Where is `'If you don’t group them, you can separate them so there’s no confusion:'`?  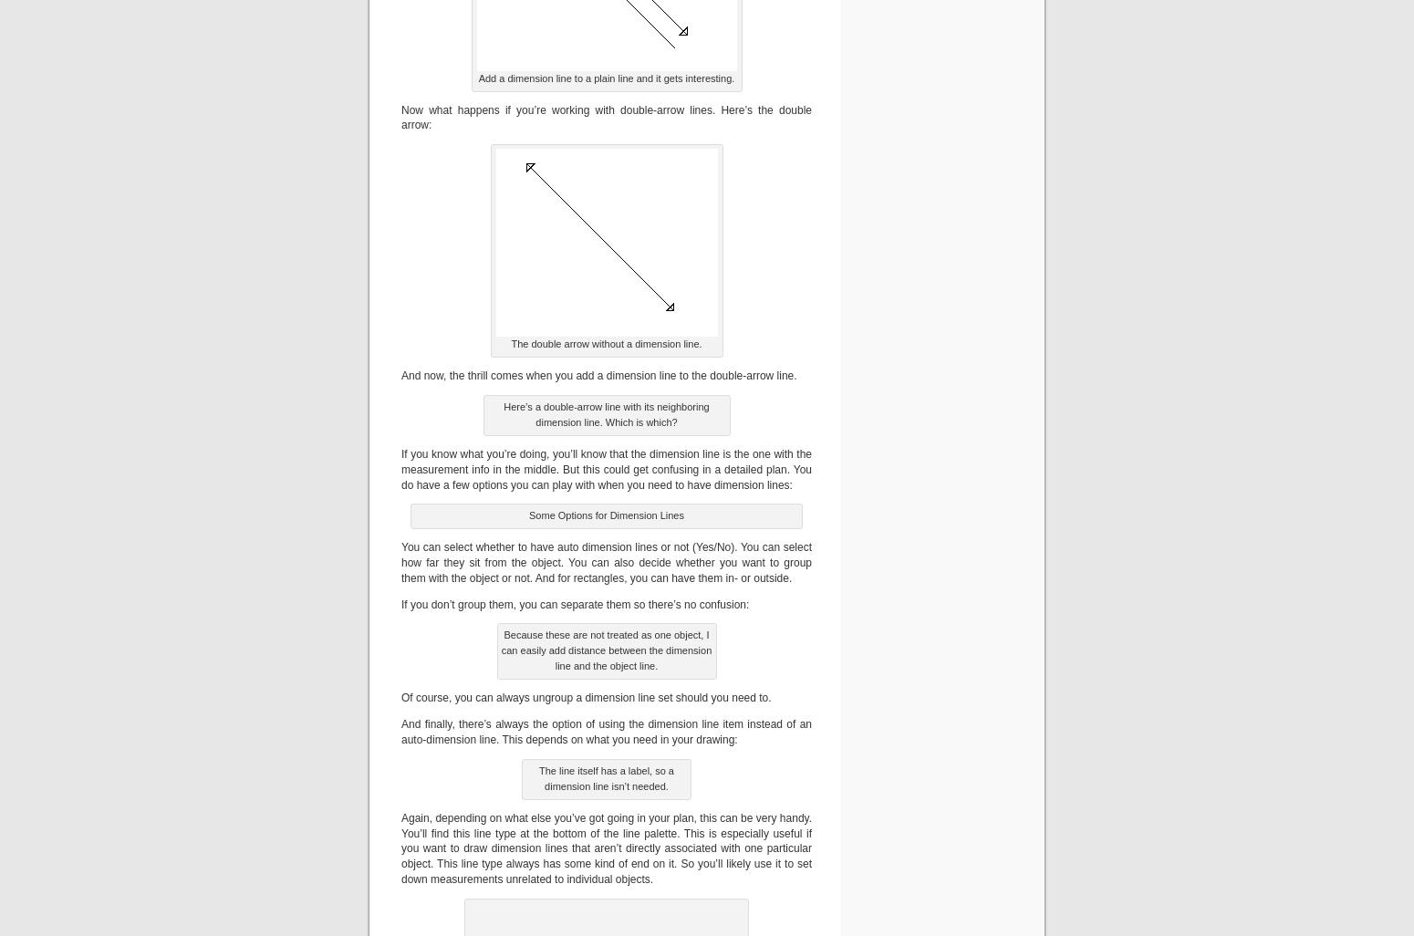 'If you don’t group them, you can separate them so there’s no confusion:' is located at coordinates (574, 603).